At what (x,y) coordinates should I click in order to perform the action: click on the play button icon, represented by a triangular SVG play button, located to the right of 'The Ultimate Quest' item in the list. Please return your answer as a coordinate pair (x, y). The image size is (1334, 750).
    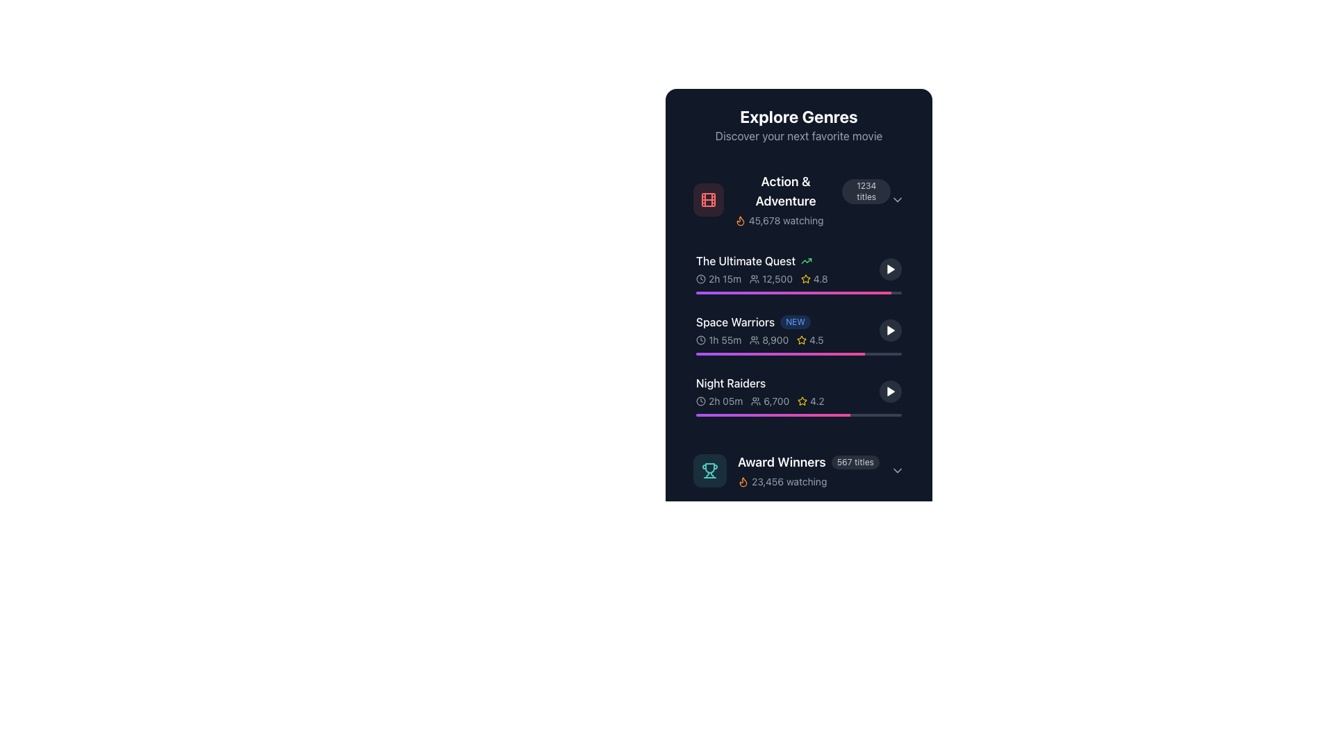
    Looking at the image, I should click on (890, 269).